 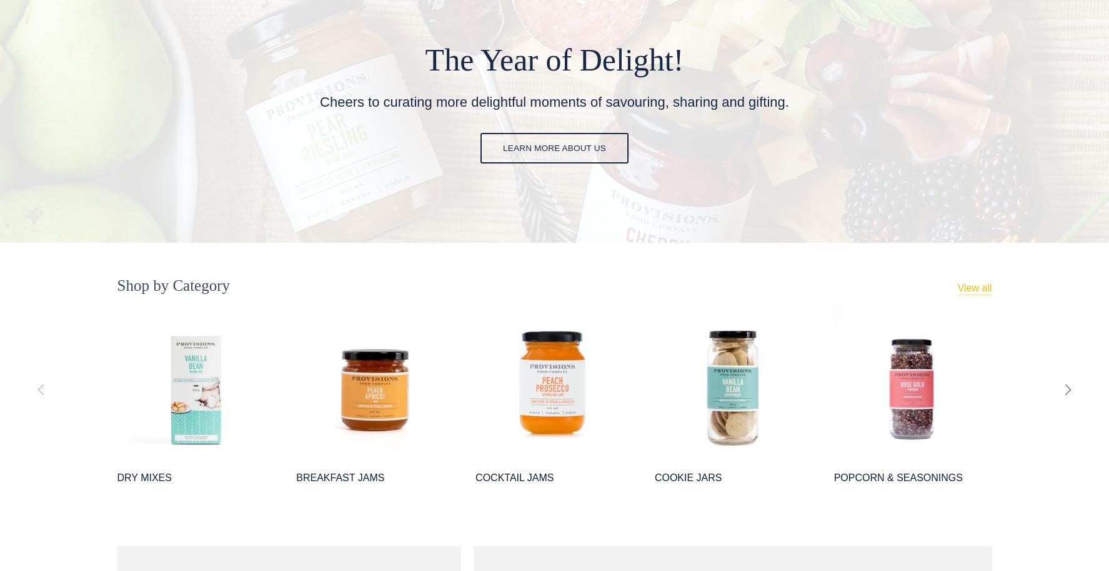 What do you see at coordinates (173, 285) in the screenshot?
I see `'Shop by Category'` at bounding box center [173, 285].